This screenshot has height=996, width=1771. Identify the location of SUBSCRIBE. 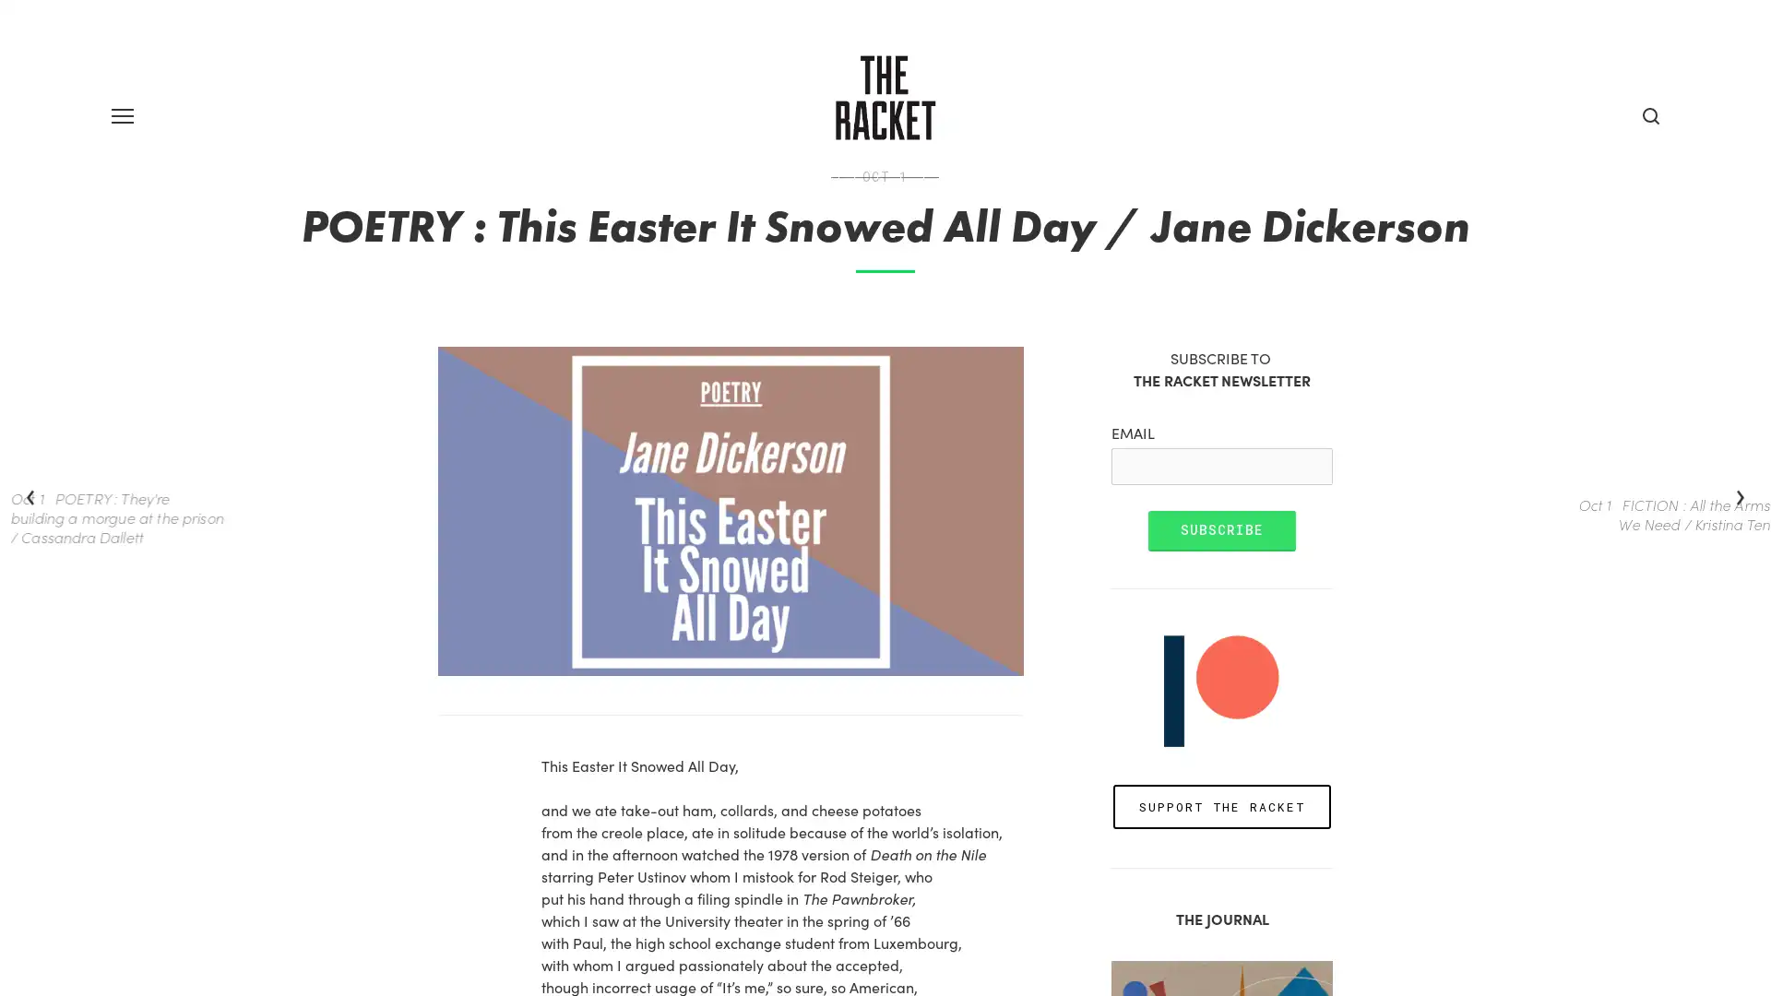
(1221, 593).